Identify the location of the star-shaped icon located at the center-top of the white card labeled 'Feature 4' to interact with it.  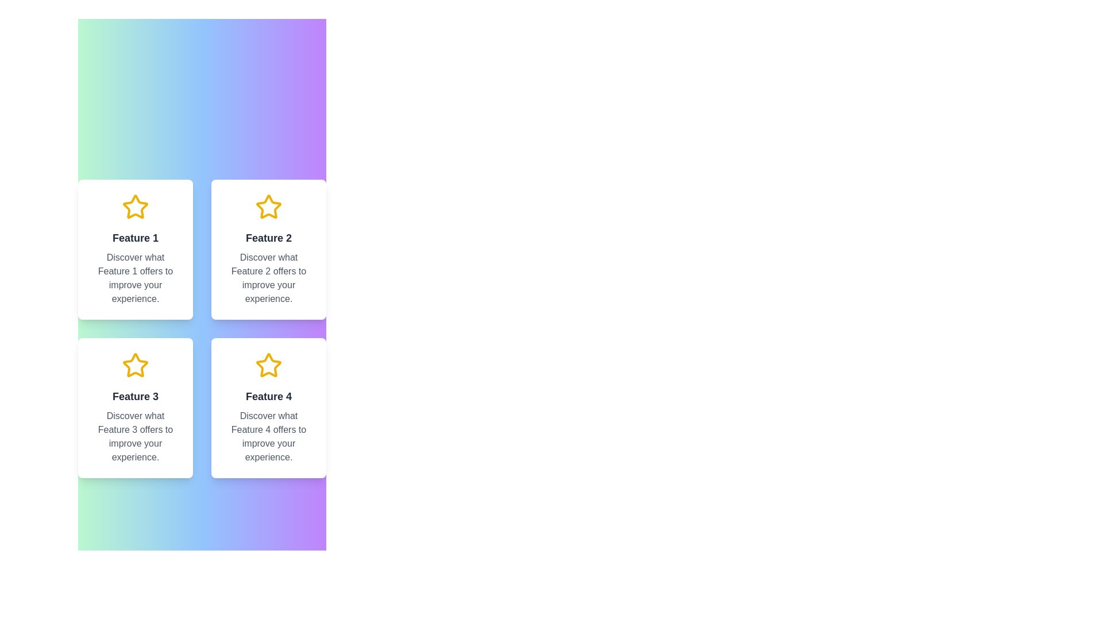
(268, 365).